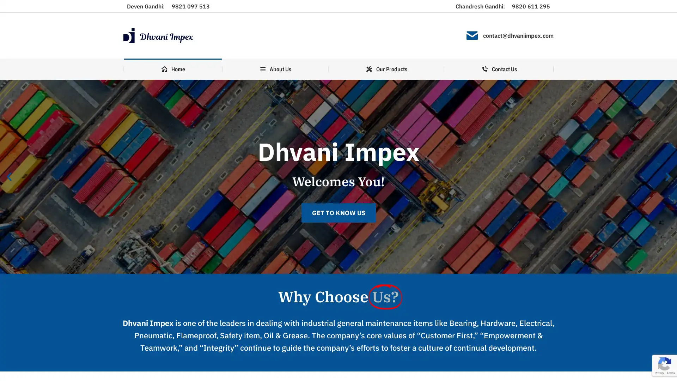 This screenshot has height=381, width=677. What do you see at coordinates (667, 176) in the screenshot?
I see `Next slide` at bounding box center [667, 176].